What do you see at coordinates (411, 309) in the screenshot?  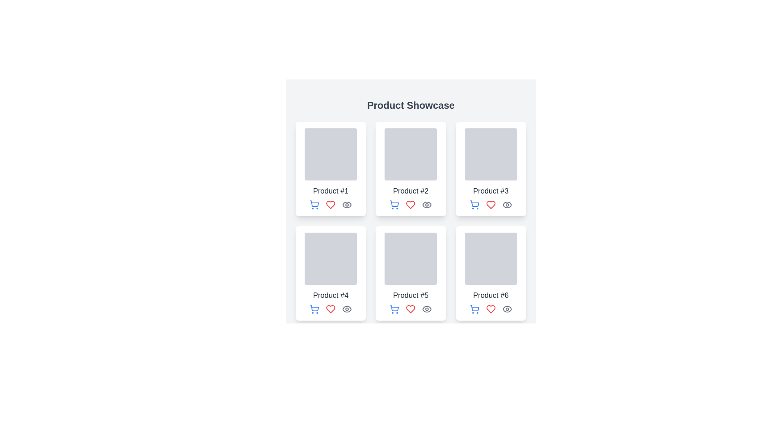 I see `the heart-shaped icon button outlined in red` at bounding box center [411, 309].